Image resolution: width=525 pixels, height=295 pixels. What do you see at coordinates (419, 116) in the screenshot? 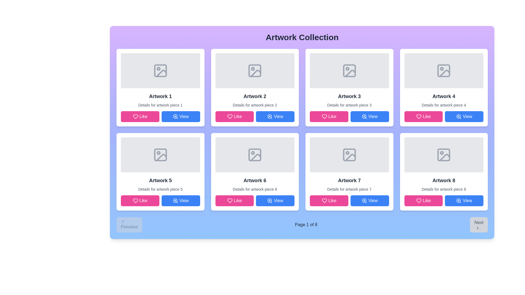
I see `the heart icon next to the 'Like' text in the pink button under the 'Artwork 4' card` at bounding box center [419, 116].